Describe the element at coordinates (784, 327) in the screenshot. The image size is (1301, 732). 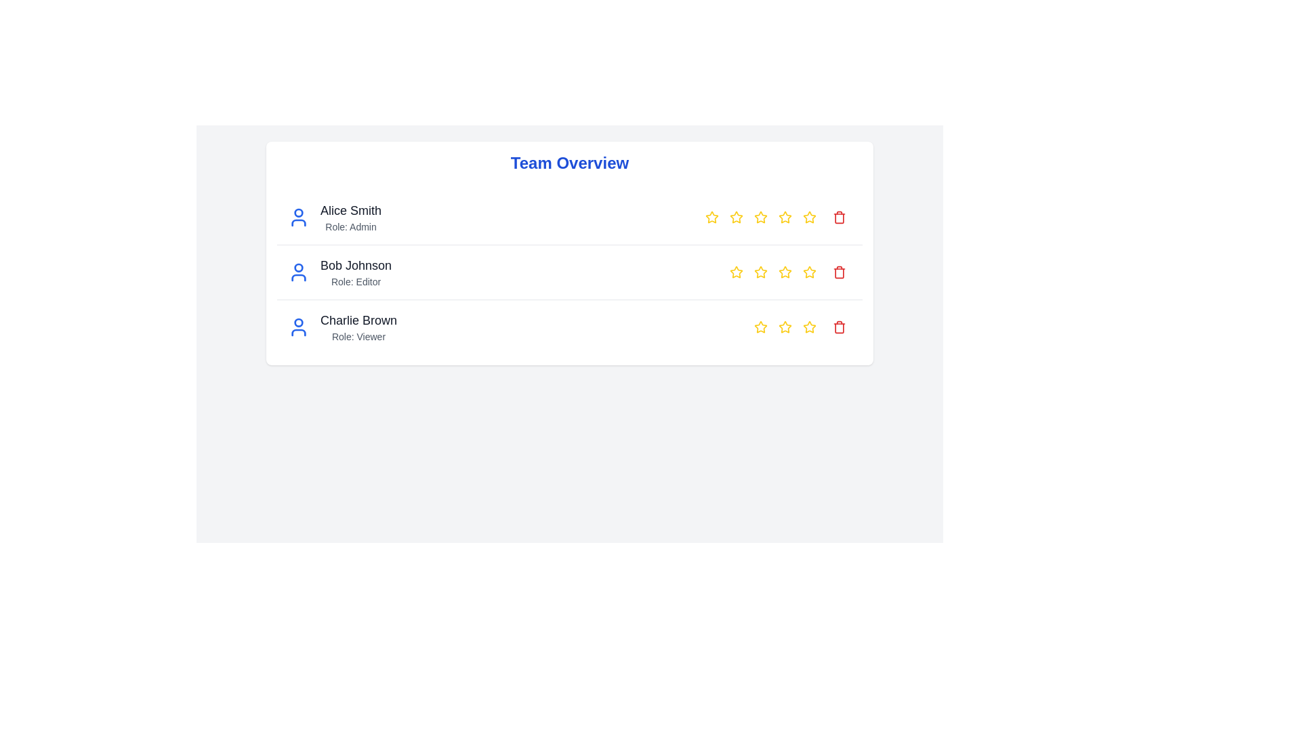
I see `the third yellow star icon in the rating group associated with 'Charlie Brown' in the 'Team Overview' table to rate` at that location.